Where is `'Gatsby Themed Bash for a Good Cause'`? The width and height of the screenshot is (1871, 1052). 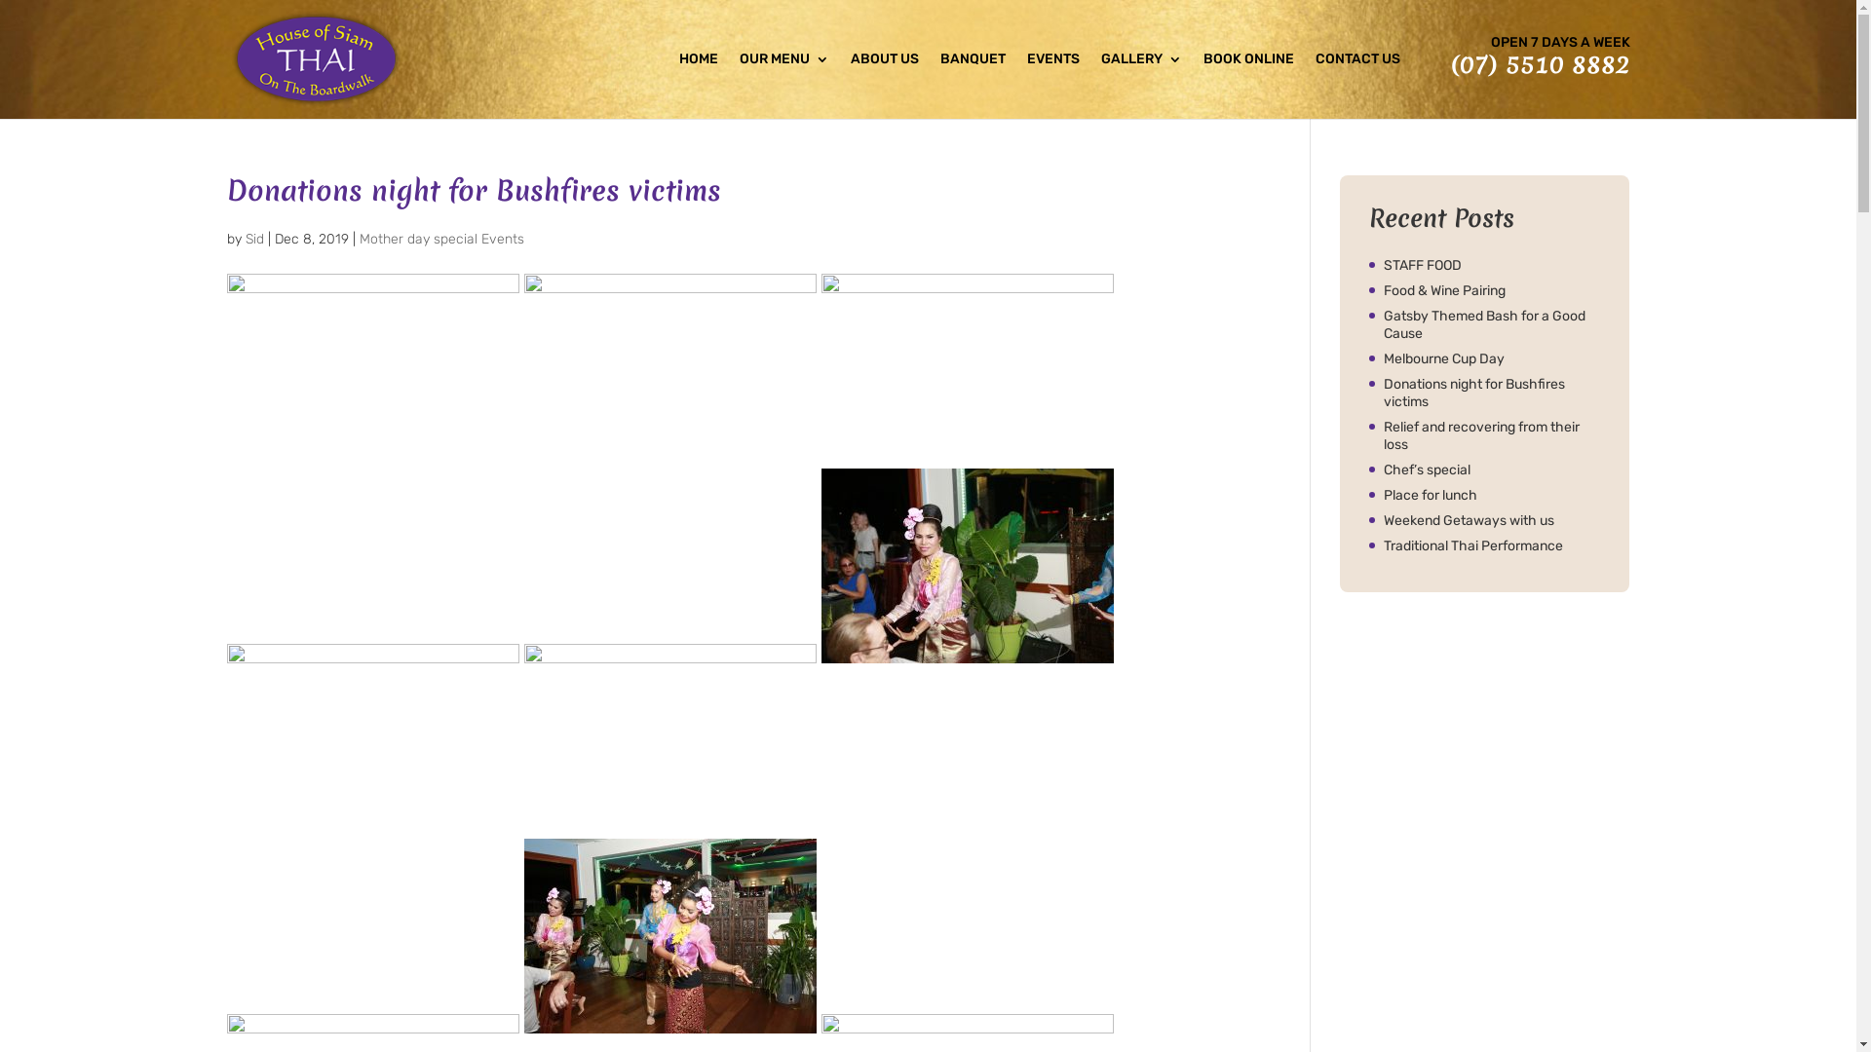 'Gatsby Themed Bash for a Good Cause' is located at coordinates (1491, 324).